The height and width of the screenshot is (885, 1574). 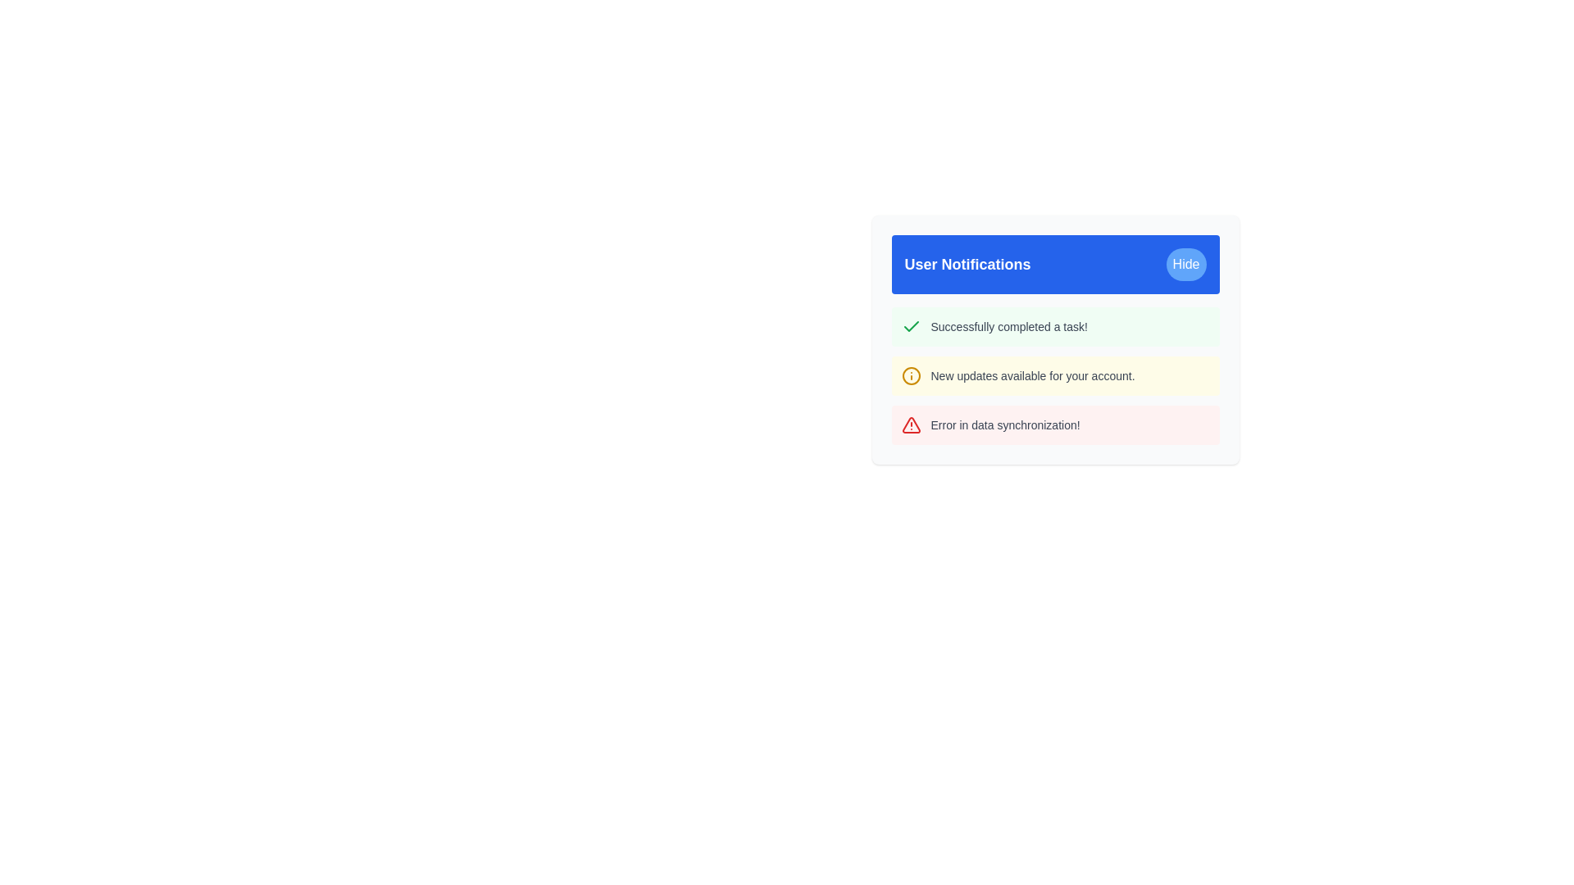 What do you see at coordinates (910, 326) in the screenshot?
I see `the green checkmark icon in the notifications modal indicating successful completion, located adjacent to the 'Successfully completed a task!' text` at bounding box center [910, 326].